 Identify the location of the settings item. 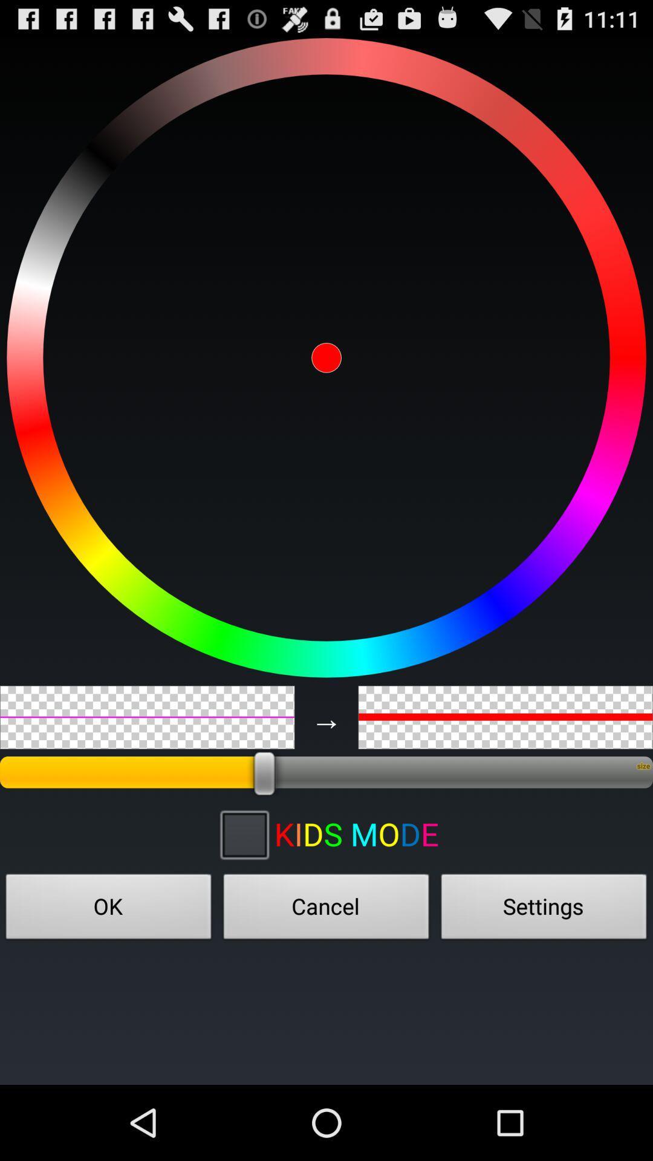
(543, 910).